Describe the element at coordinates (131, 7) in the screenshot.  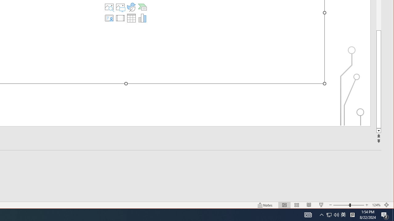
I see `'Insert an Icon'` at that location.